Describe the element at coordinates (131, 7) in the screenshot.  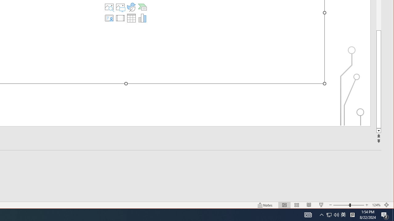
I see `'Insert an Icon'` at that location.